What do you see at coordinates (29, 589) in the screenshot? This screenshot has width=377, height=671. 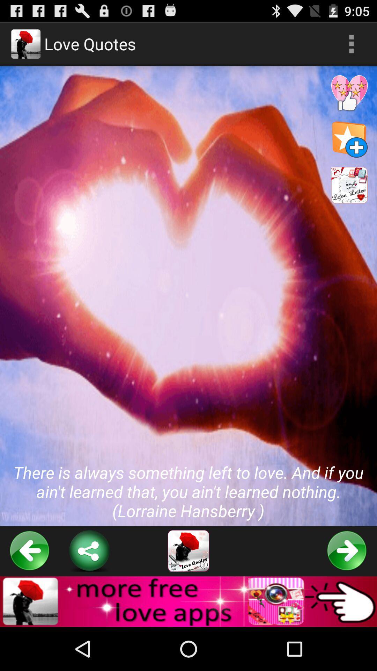 I see `the arrow_backward icon` at bounding box center [29, 589].